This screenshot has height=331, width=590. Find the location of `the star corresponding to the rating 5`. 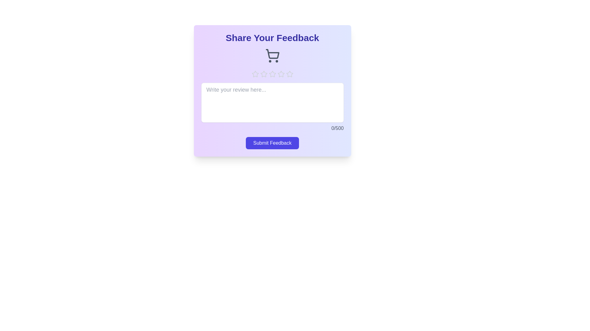

the star corresponding to the rating 5 is located at coordinates (289, 74).